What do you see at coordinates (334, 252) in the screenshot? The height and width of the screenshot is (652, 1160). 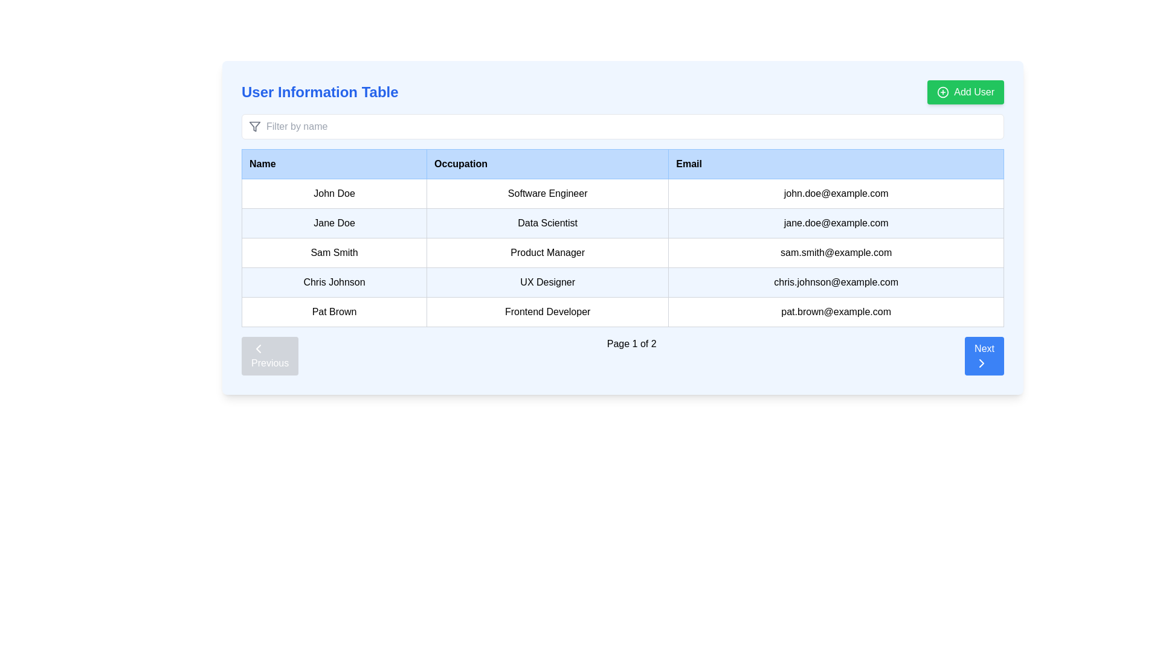 I see `text 'Sam Smith' displayed in the first column of the third row within the 'User Information Table', which is adjacent to 'Product Manager' and 'sam.smith@example.com'` at bounding box center [334, 252].